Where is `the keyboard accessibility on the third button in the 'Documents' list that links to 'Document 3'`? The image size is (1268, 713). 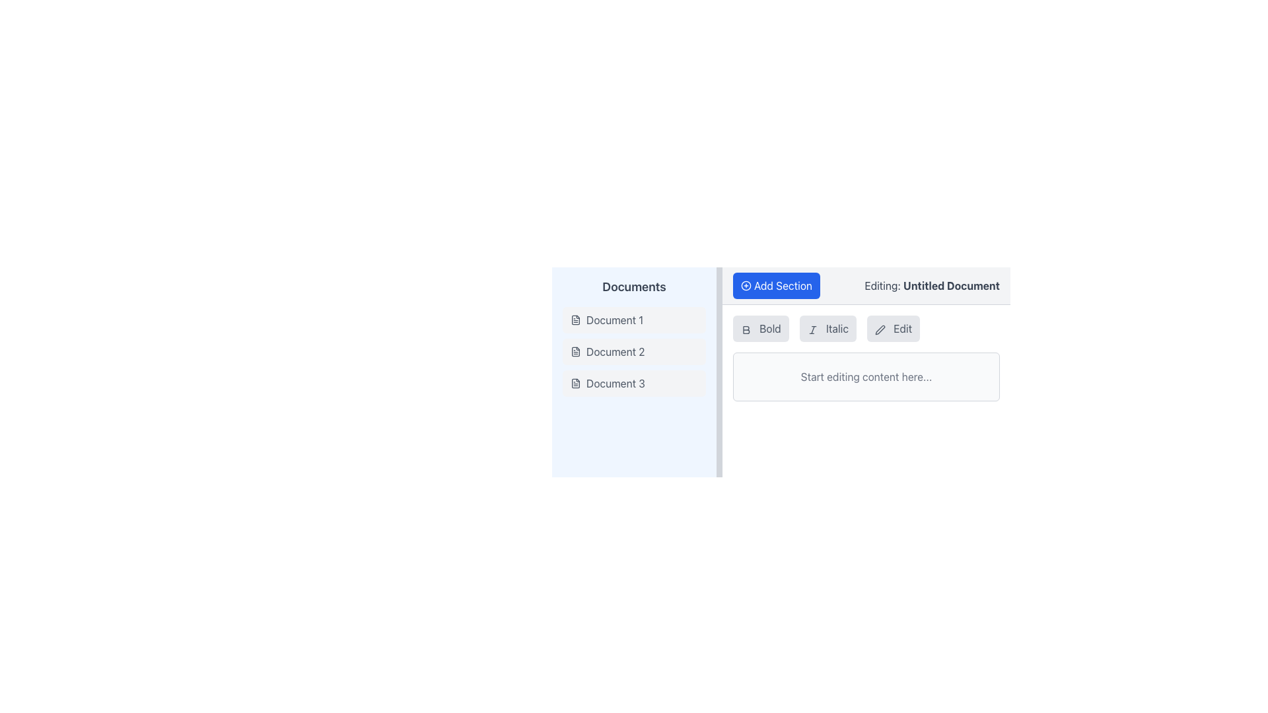 the keyboard accessibility on the third button in the 'Documents' list that links to 'Document 3' is located at coordinates (634, 384).